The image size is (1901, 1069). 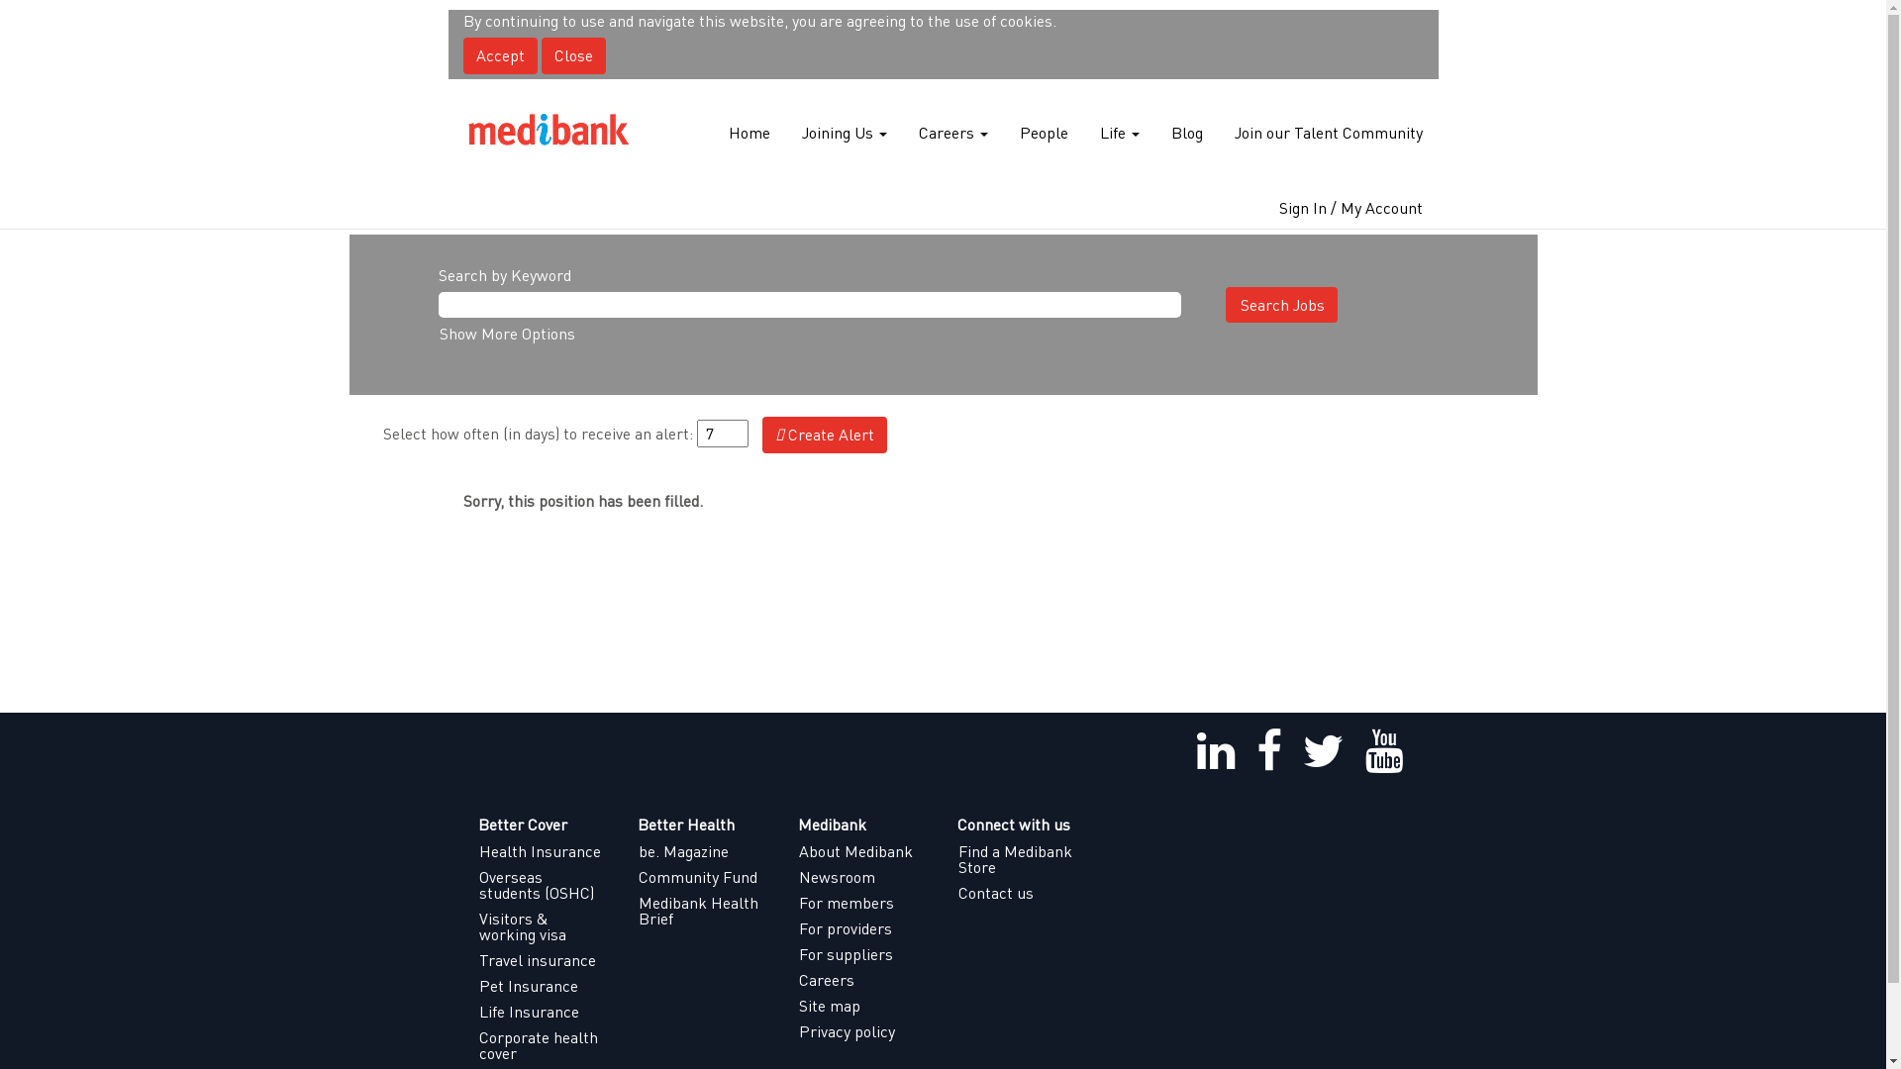 What do you see at coordinates (863, 902) in the screenshot?
I see `'For members'` at bounding box center [863, 902].